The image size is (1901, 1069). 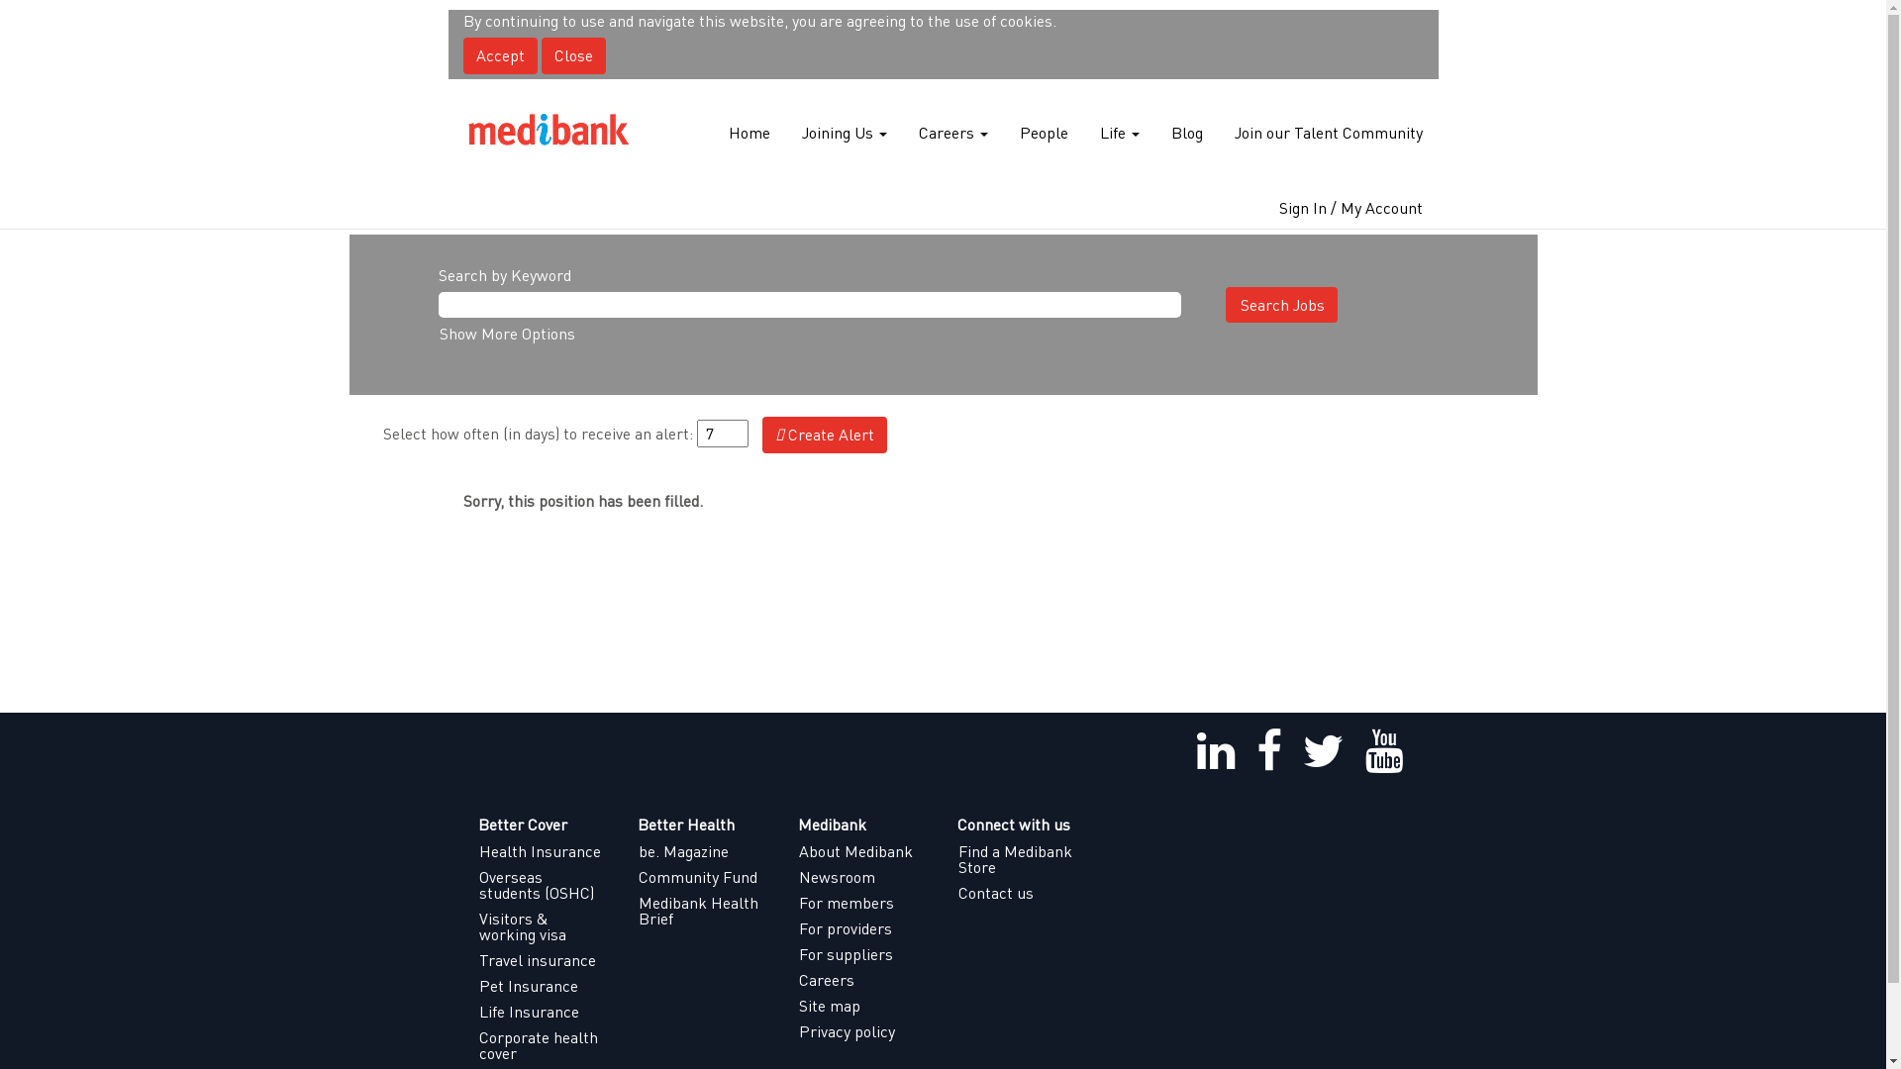 What do you see at coordinates (863, 902) in the screenshot?
I see `'For members'` at bounding box center [863, 902].